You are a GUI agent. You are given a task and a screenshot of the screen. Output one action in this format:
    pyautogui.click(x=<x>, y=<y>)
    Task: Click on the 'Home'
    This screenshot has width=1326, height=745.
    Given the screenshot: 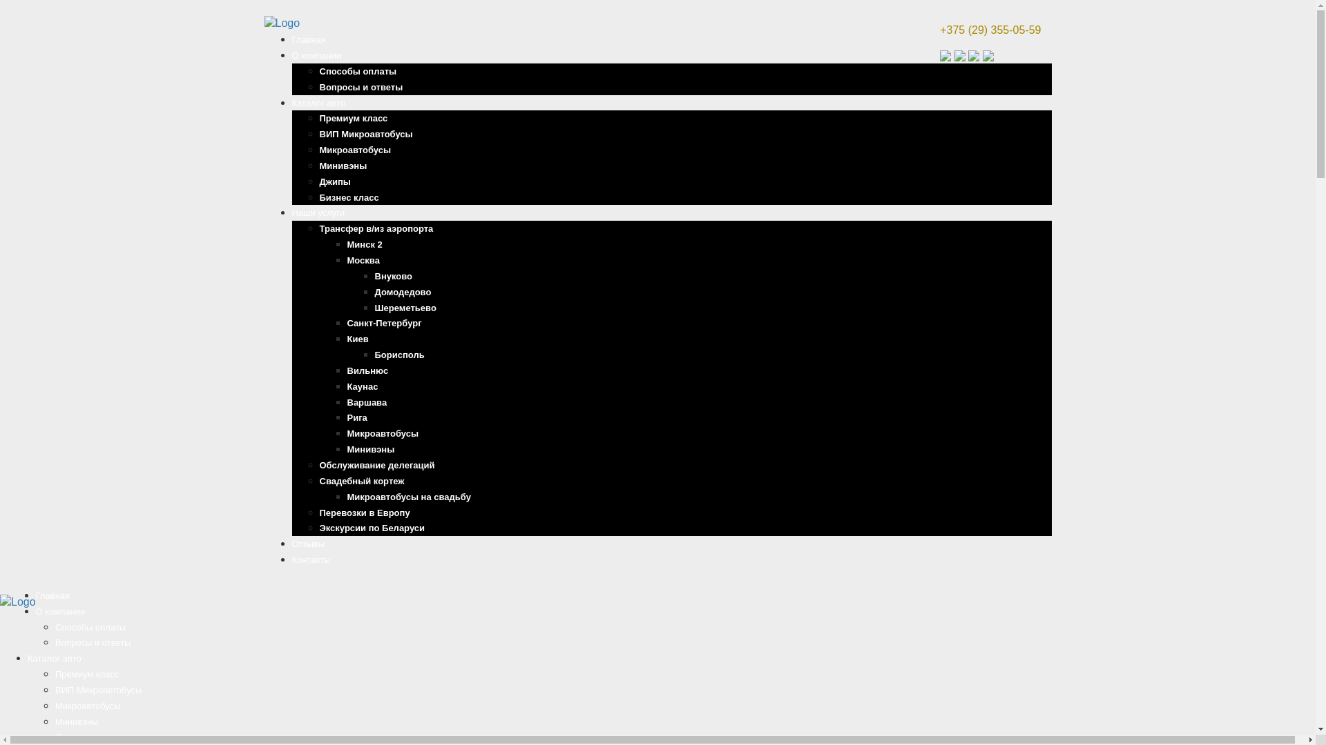 What is the action you would take?
    pyautogui.click(x=281, y=23)
    